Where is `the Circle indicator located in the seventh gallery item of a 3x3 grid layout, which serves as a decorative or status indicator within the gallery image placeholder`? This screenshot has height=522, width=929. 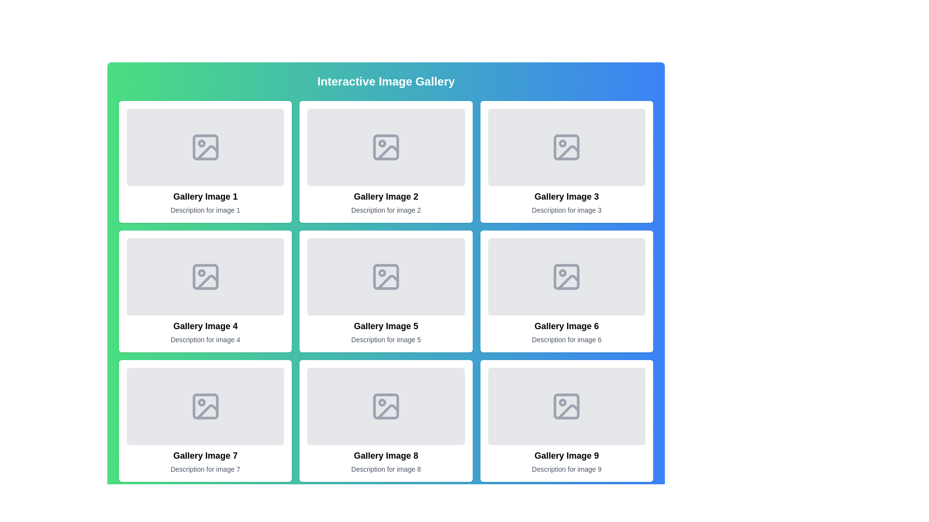 the Circle indicator located in the seventh gallery item of a 3x3 grid layout, which serves as a decorative or status indicator within the gallery image placeholder is located at coordinates (201, 403).